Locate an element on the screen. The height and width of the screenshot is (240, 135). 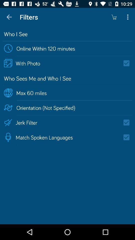
with photo option is located at coordinates (128, 63).